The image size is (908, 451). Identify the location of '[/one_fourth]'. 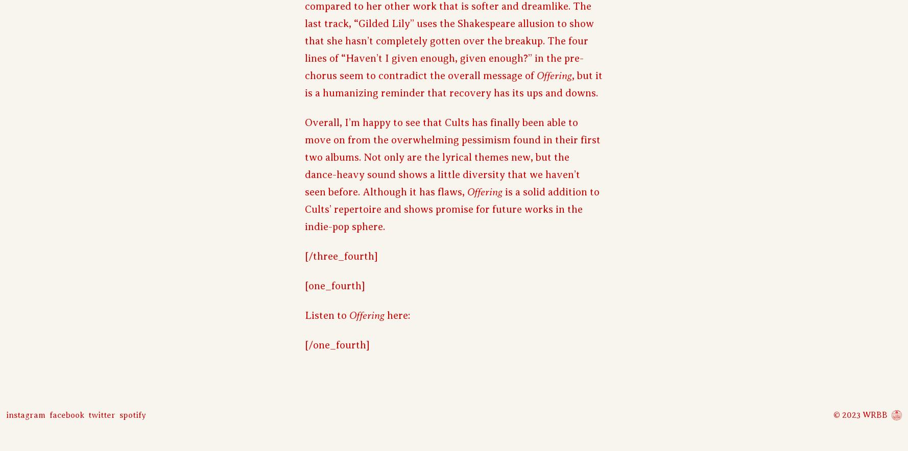
(337, 344).